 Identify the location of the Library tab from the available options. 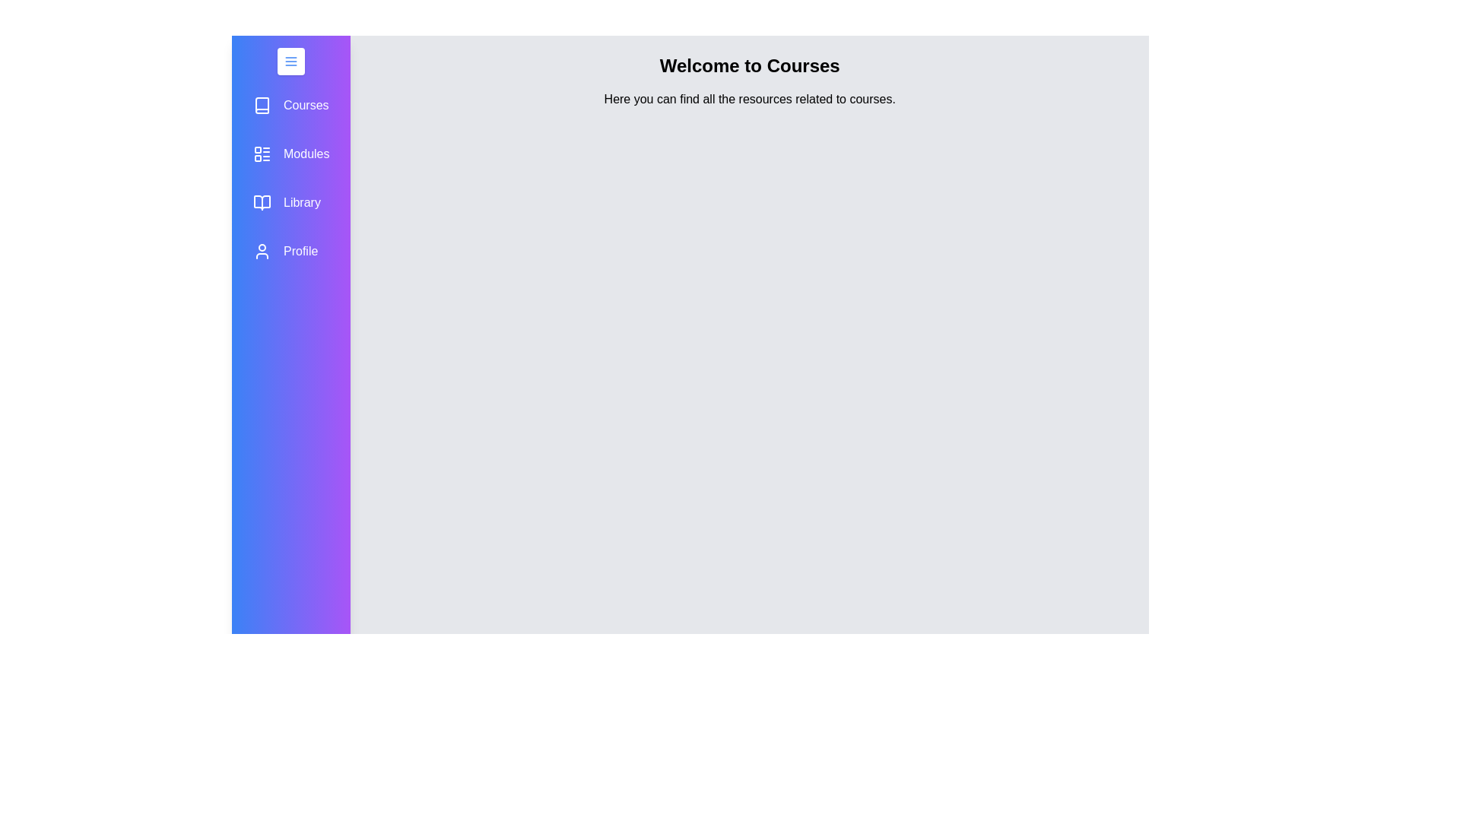
(291, 201).